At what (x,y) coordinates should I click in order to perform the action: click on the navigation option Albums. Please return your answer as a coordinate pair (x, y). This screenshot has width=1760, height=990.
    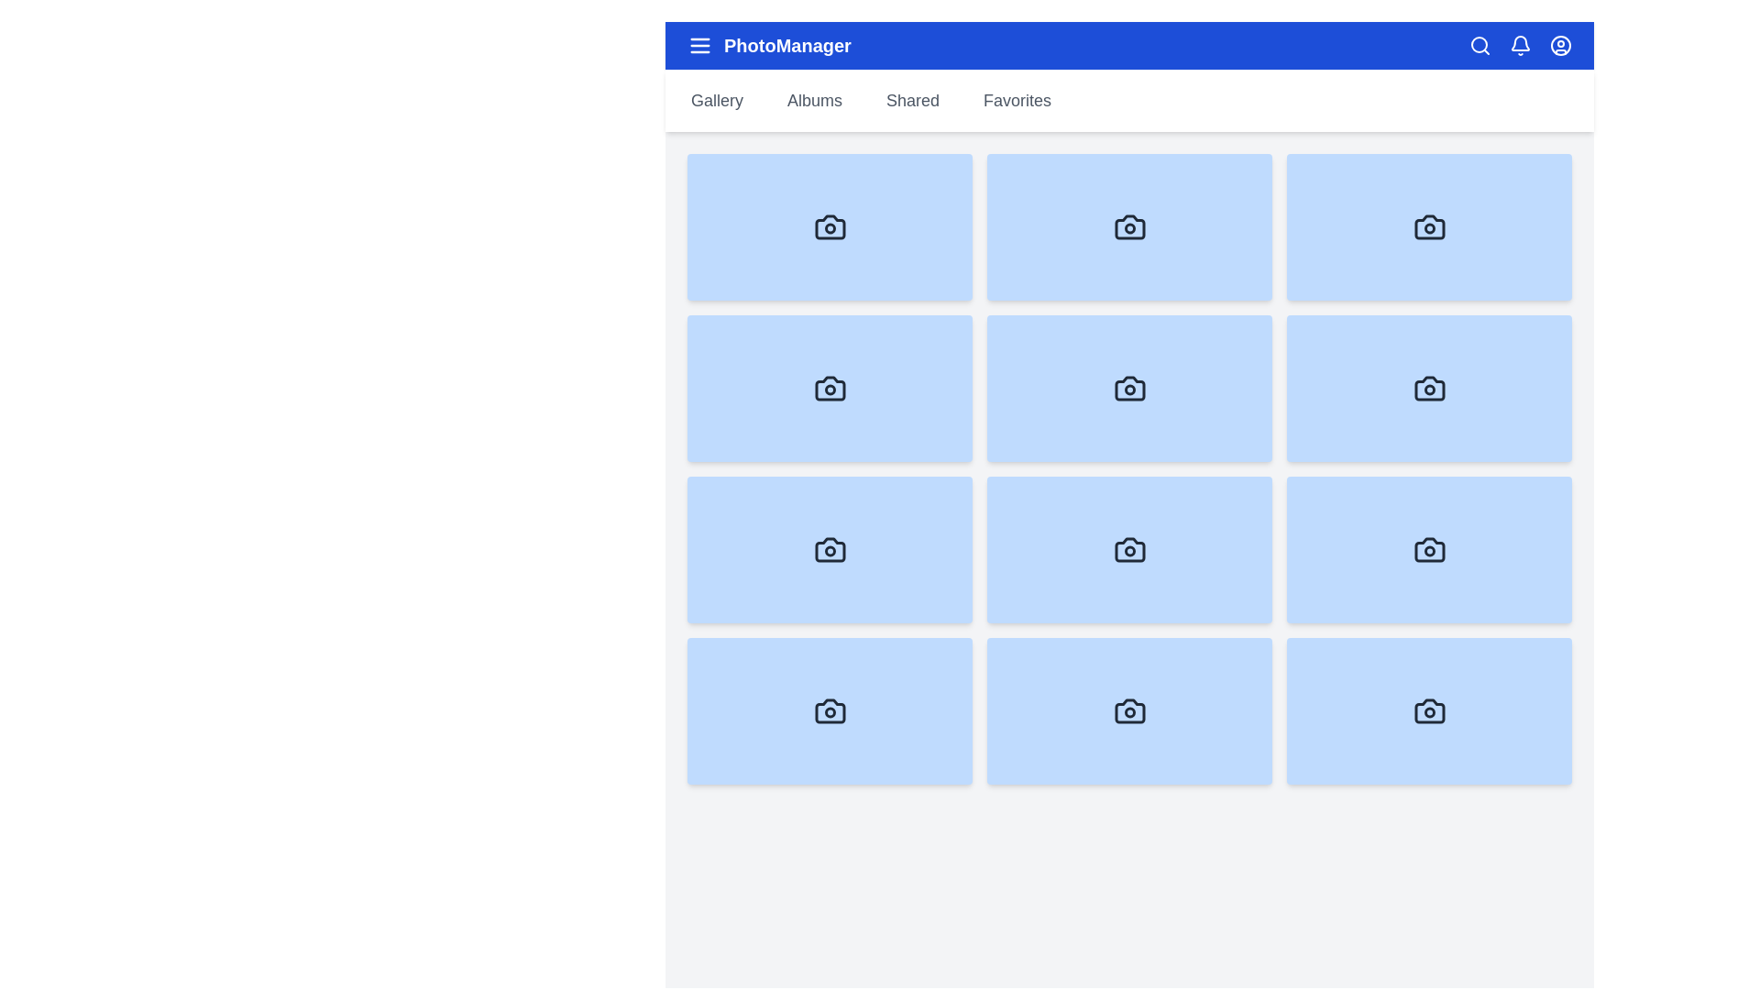
    Looking at the image, I should click on (813, 101).